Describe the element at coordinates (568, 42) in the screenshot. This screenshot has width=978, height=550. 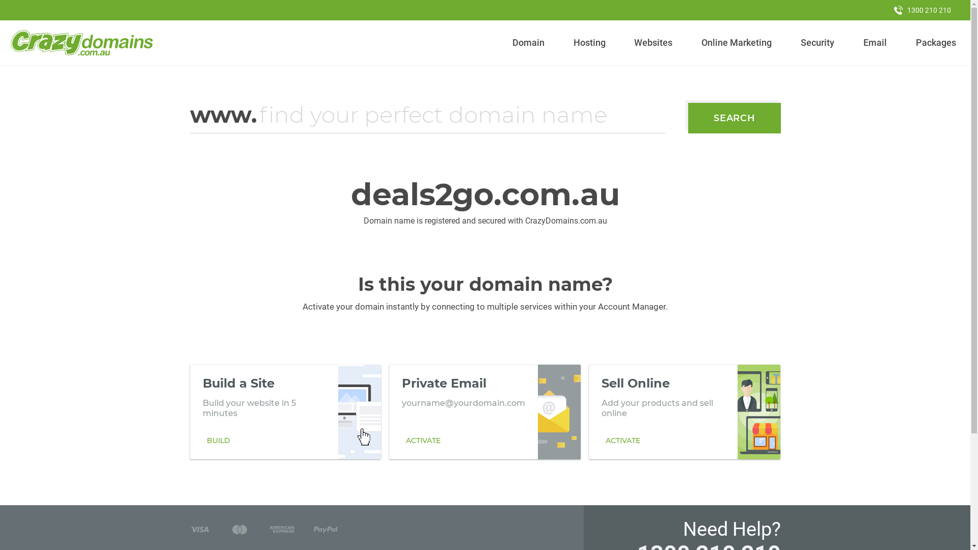
I see `'Hosting'` at that location.